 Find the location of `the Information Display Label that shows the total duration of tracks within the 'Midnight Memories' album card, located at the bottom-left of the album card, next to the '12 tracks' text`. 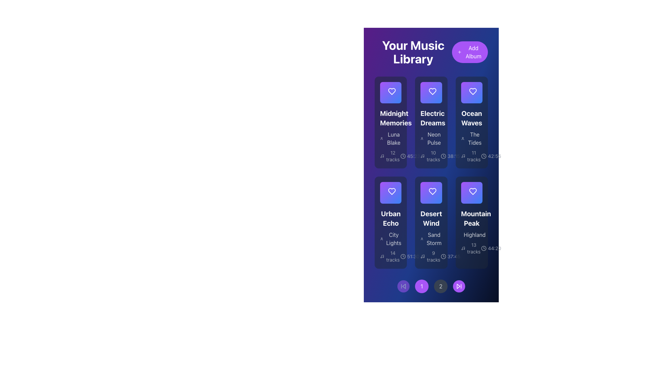

the Information Display Label that shows the total duration of tracks within the 'Midnight Memories' album card, located at the bottom-left of the album card, next to the '12 tracks' text is located at coordinates (410, 156).